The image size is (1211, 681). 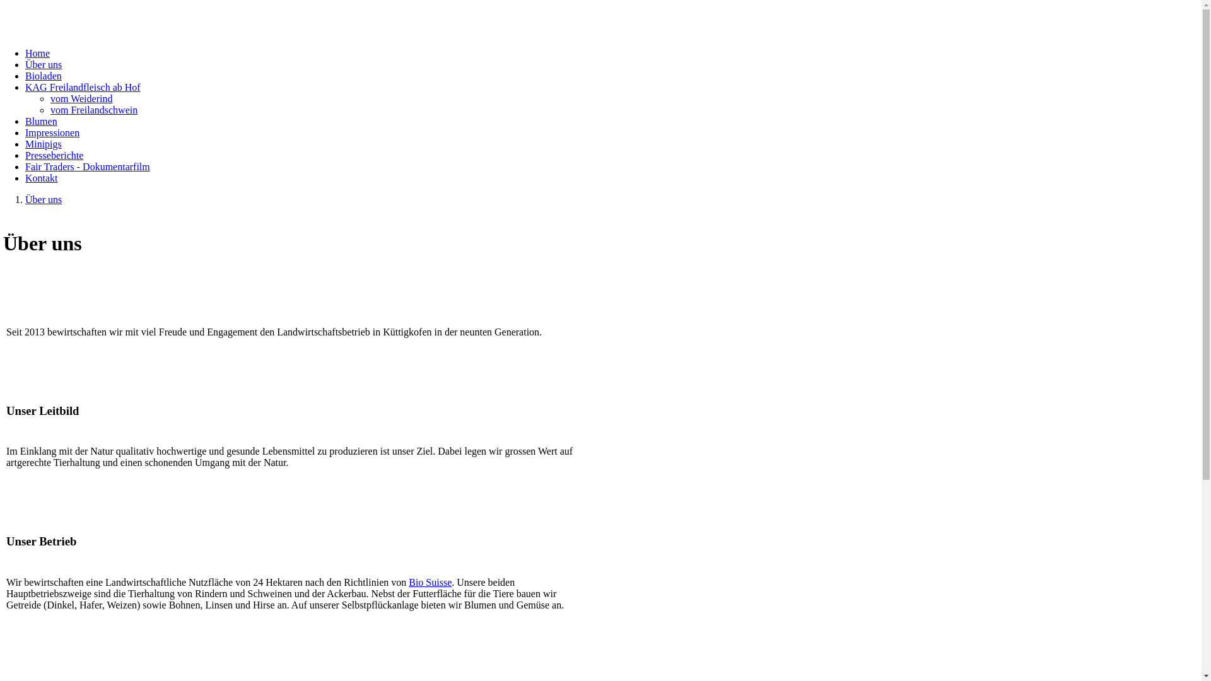 What do you see at coordinates (93, 109) in the screenshot?
I see `'vom Freilandschwein'` at bounding box center [93, 109].